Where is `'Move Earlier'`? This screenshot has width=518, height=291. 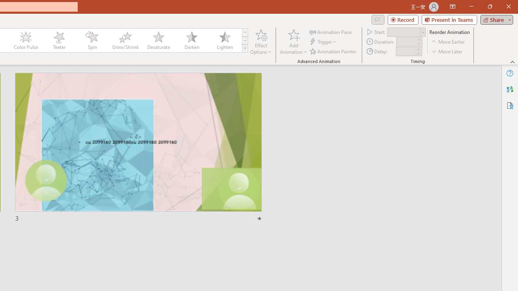
'Move Earlier' is located at coordinates (448, 42).